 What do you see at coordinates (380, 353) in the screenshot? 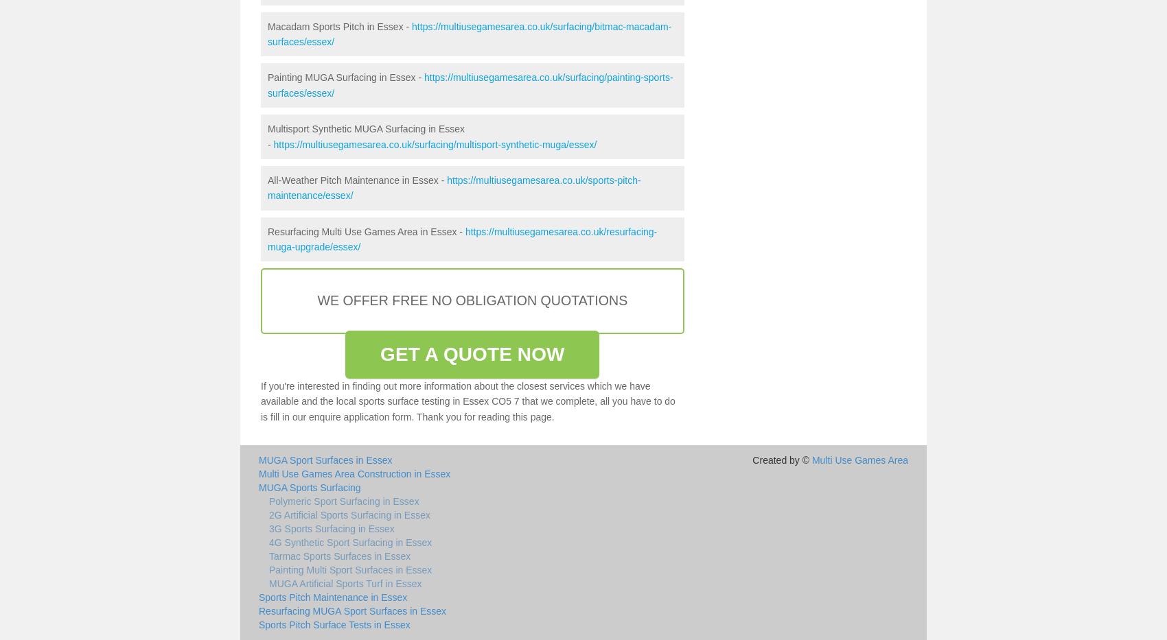
I see `'GET A QUOTE NOW'` at bounding box center [380, 353].